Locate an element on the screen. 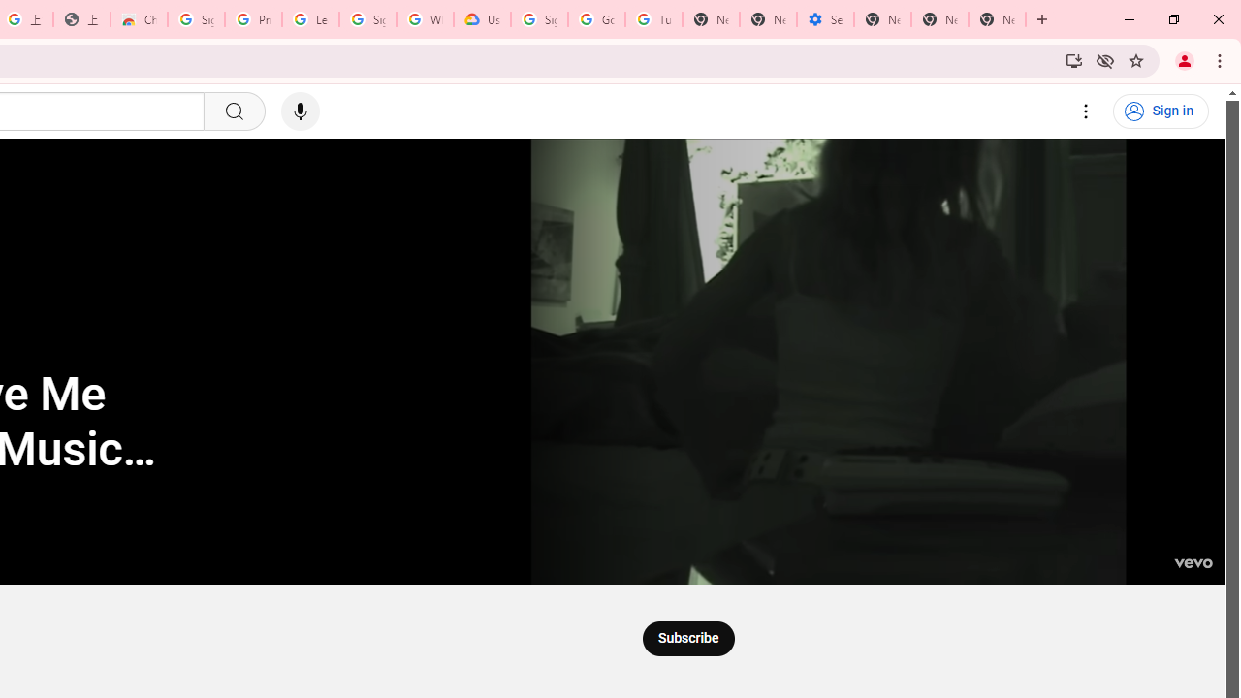 The height and width of the screenshot is (698, 1241). 'Google Account Help' is located at coordinates (595, 19).